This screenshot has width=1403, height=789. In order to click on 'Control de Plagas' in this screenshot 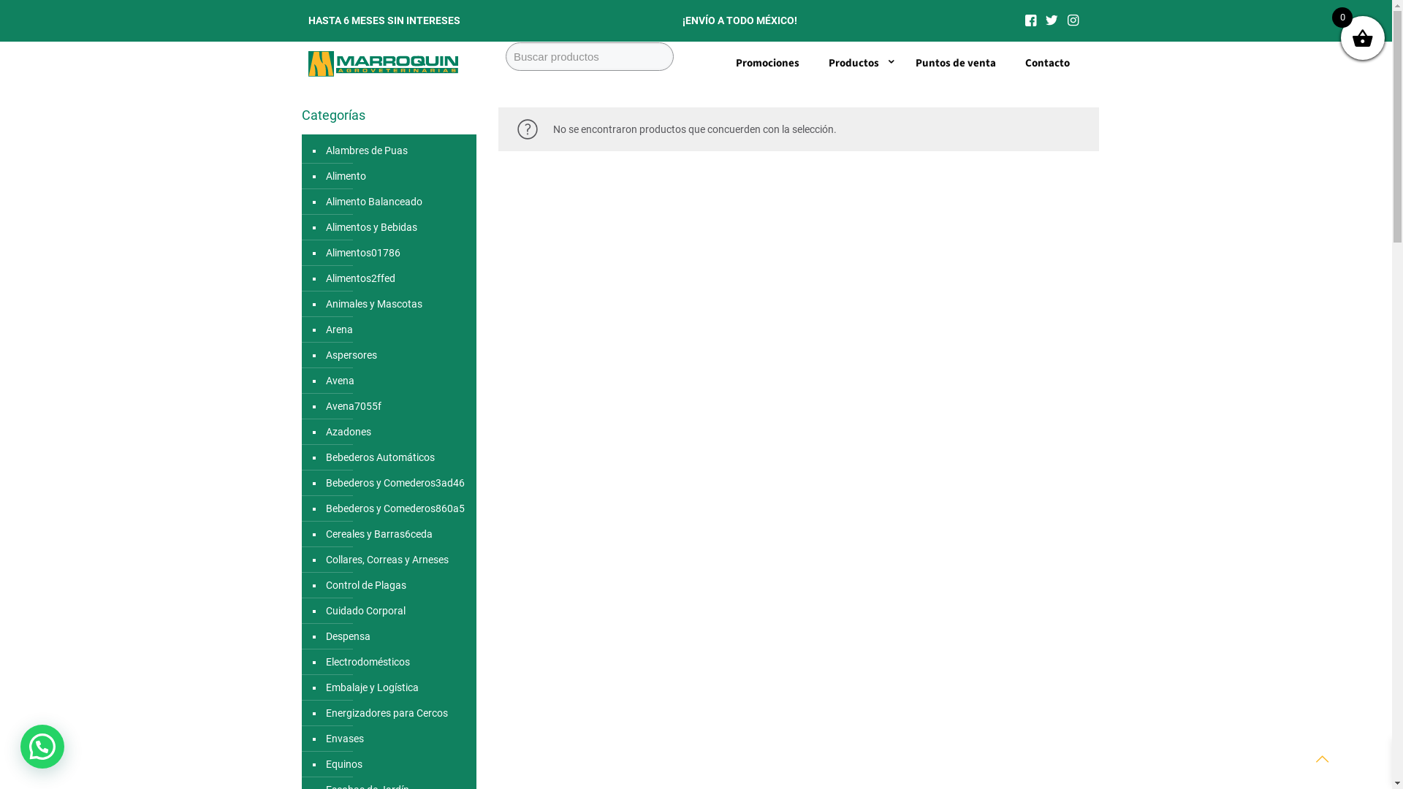, I will do `click(396, 584)`.